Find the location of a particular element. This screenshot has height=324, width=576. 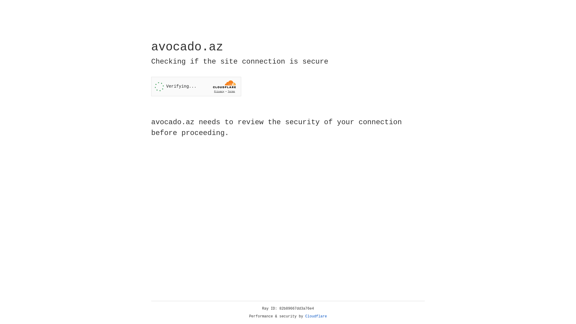

'Widget containing a Cloudflare security challenge' is located at coordinates (196, 86).